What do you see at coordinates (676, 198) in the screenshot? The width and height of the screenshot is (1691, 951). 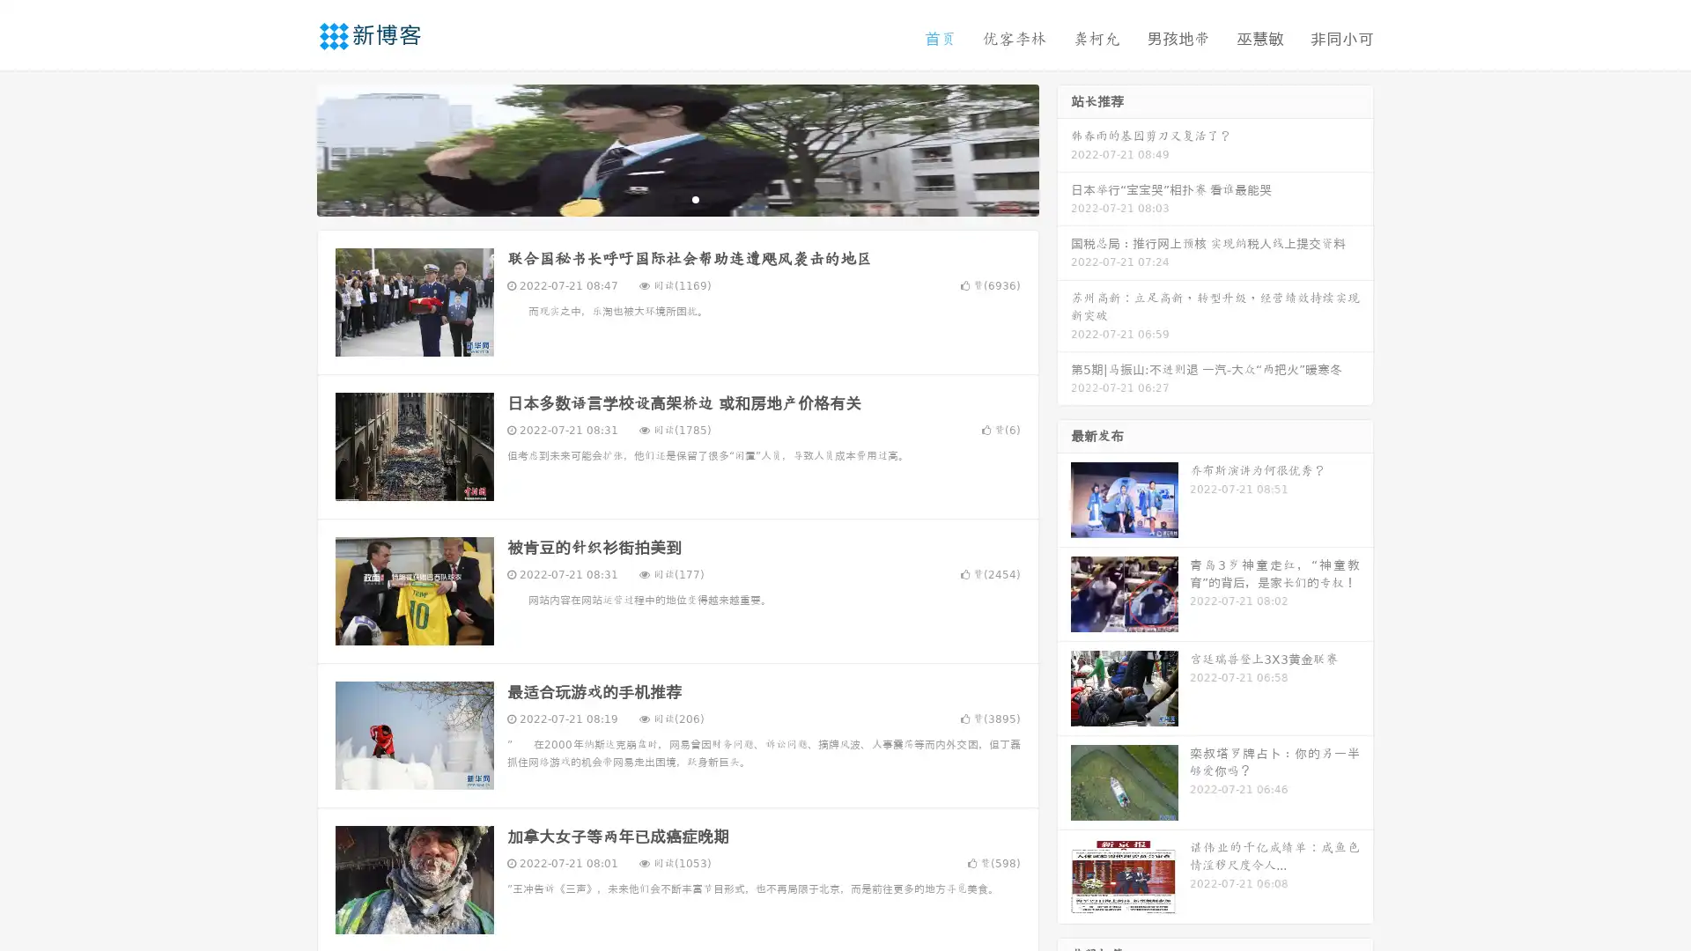 I see `Go to slide 2` at bounding box center [676, 198].